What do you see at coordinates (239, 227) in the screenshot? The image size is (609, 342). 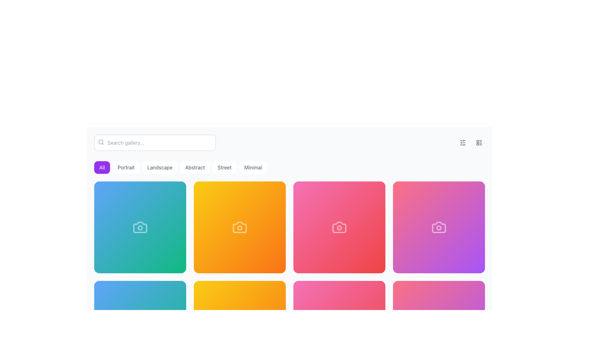 I see `the Button with Camera Icon, which is a circular button featuring a camera shape, located at the center of the second square in the second row of a grid layout on a vibrant yellow background` at bounding box center [239, 227].